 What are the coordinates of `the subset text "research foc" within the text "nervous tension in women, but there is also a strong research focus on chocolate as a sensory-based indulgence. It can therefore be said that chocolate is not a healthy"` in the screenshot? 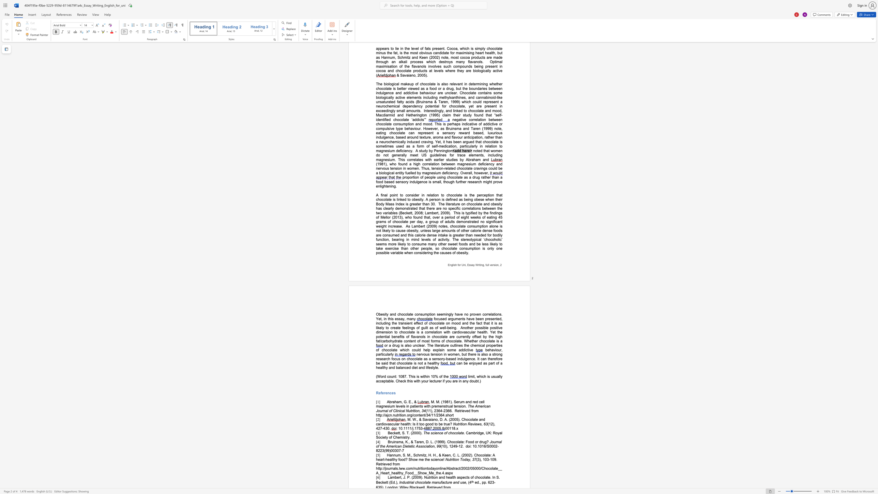 It's located at (376, 358).